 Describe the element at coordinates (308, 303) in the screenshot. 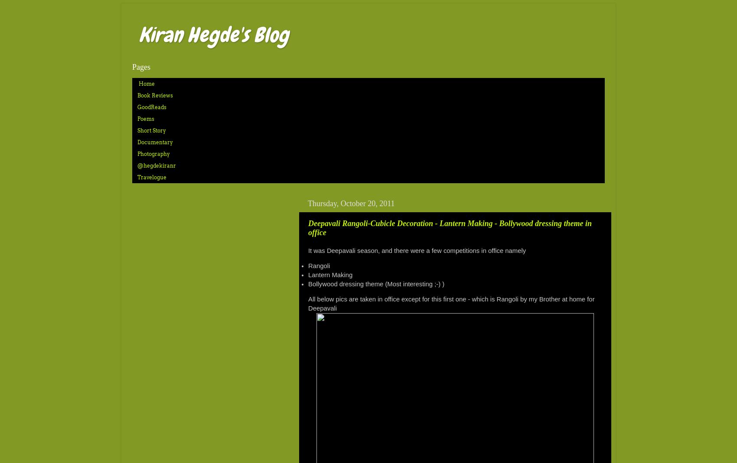

I see `'All below pics are taken in office except for this first one - which is Rangoli by my Brother at home for Deepavali'` at that location.